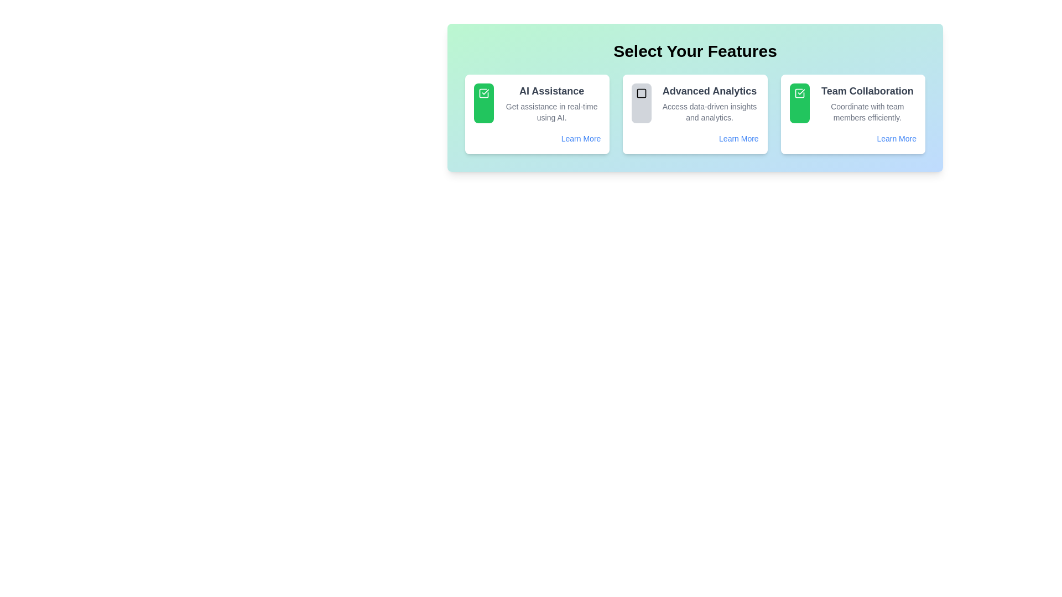  I want to click on the 'Team Collaboration' header text, so click(867, 91).